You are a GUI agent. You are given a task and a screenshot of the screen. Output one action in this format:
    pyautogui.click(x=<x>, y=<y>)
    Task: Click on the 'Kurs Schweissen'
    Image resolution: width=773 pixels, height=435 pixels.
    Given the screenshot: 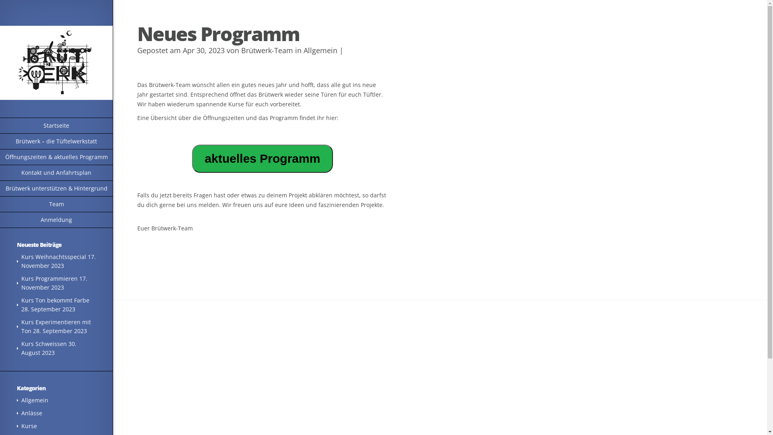 What is the action you would take?
    pyautogui.click(x=43, y=344)
    